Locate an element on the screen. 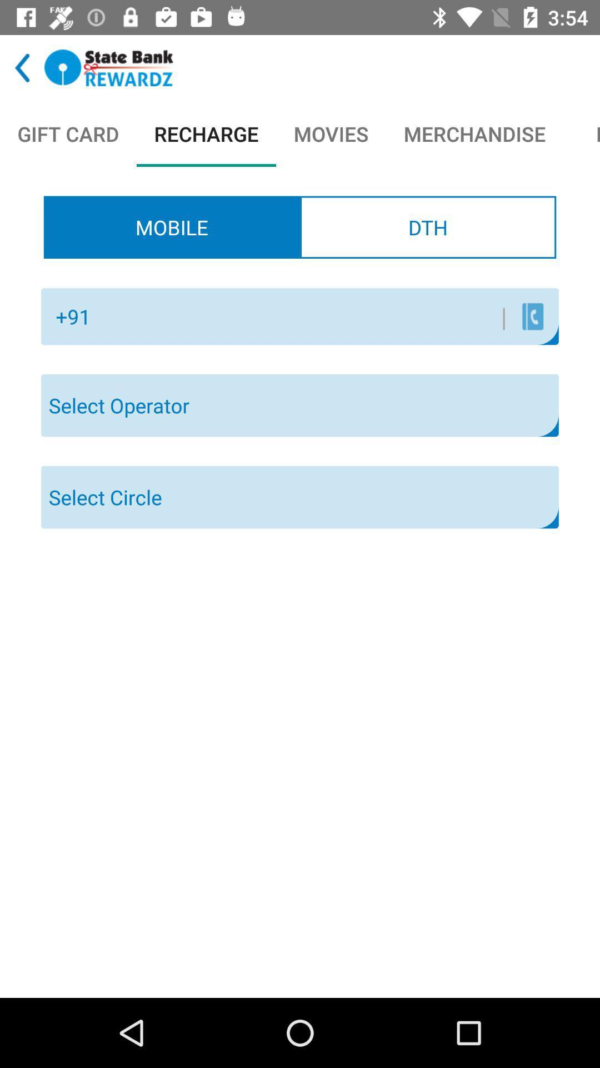 The image size is (600, 1068). the mobile button below the recharge is located at coordinates (172, 226).